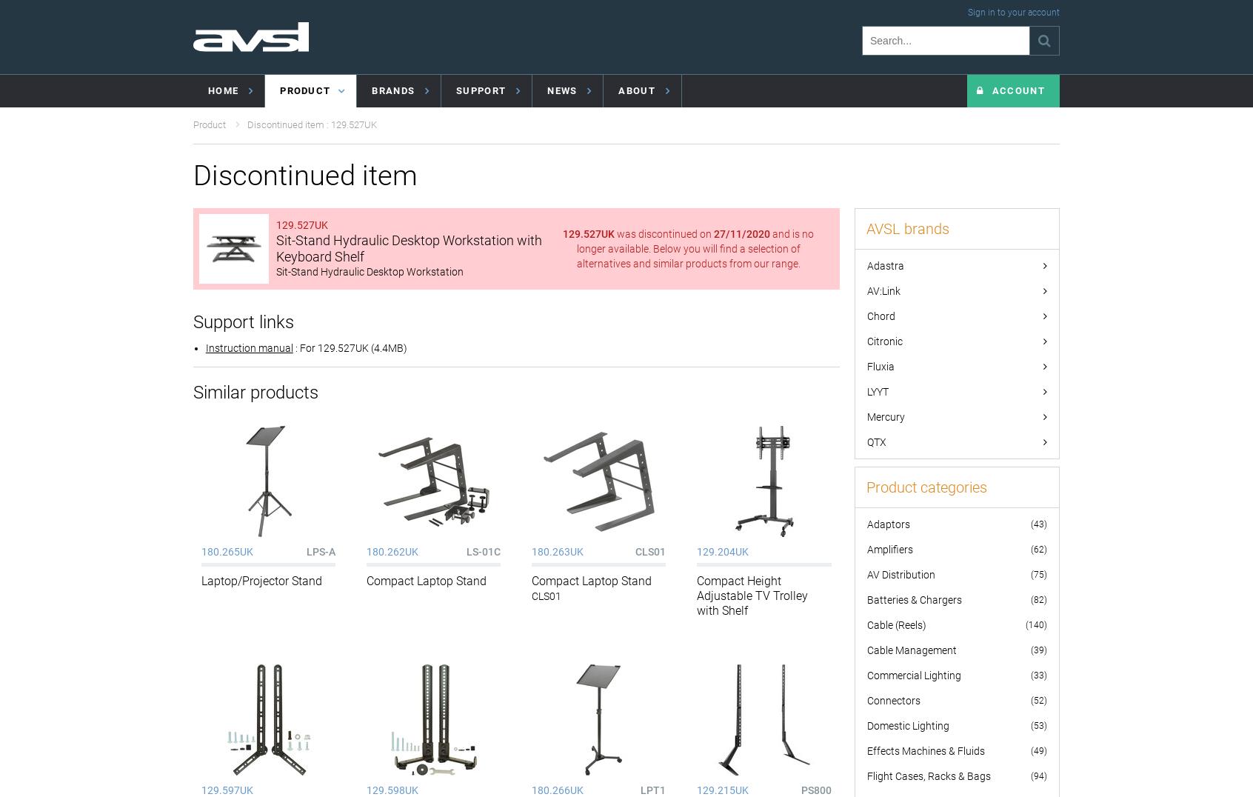  I want to click on 'AV Distribution', so click(901, 574).